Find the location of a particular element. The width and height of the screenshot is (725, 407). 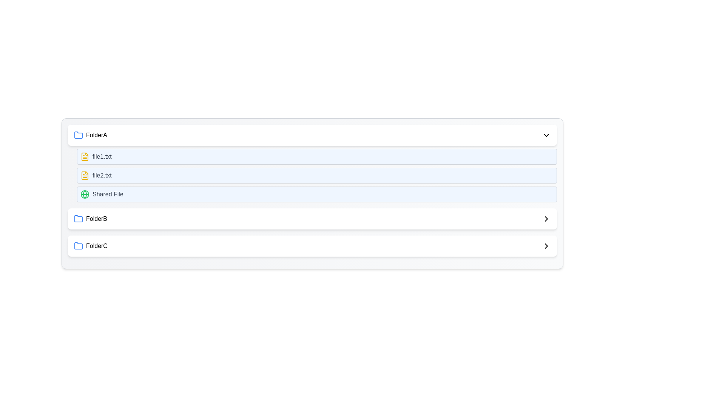

the arrow-shaped vector graphic control for navigation associated with the 'FolderB' section header is located at coordinates (546, 219).